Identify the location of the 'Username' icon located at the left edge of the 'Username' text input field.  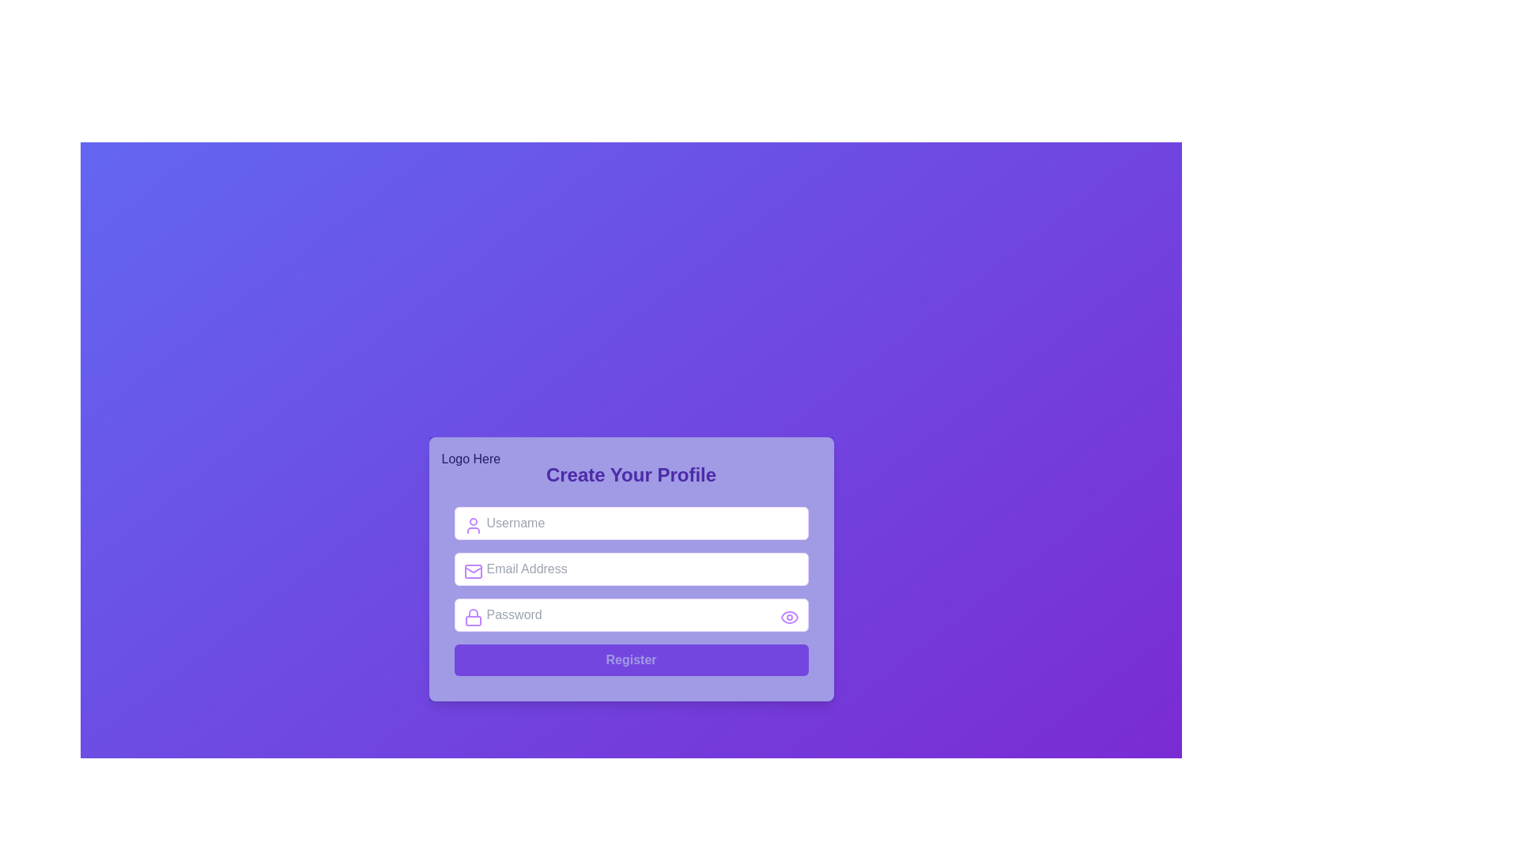
(472, 525).